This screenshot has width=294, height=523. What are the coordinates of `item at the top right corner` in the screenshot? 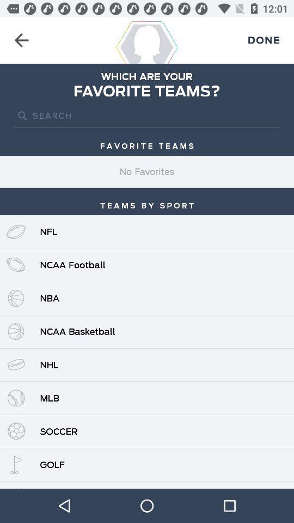 It's located at (263, 40).